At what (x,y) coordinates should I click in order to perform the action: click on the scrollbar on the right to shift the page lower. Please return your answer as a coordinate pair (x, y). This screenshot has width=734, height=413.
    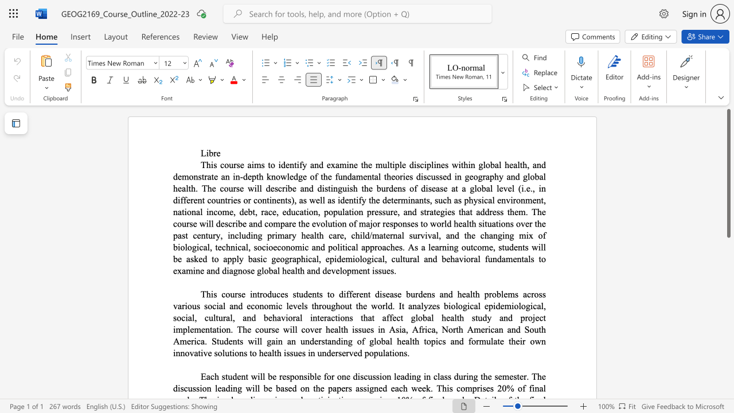
    Looking at the image, I should click on (728, 333).